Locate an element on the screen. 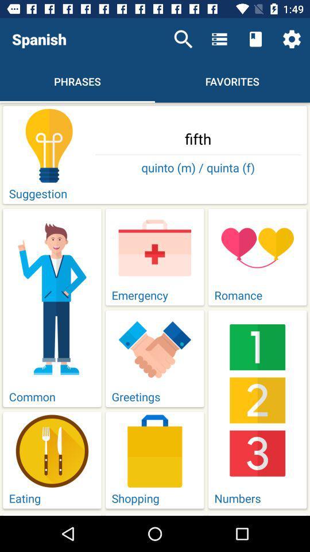 The height and width of the screenshot is (552, 310). item above fifth icon is located at coordinates (183, 39).